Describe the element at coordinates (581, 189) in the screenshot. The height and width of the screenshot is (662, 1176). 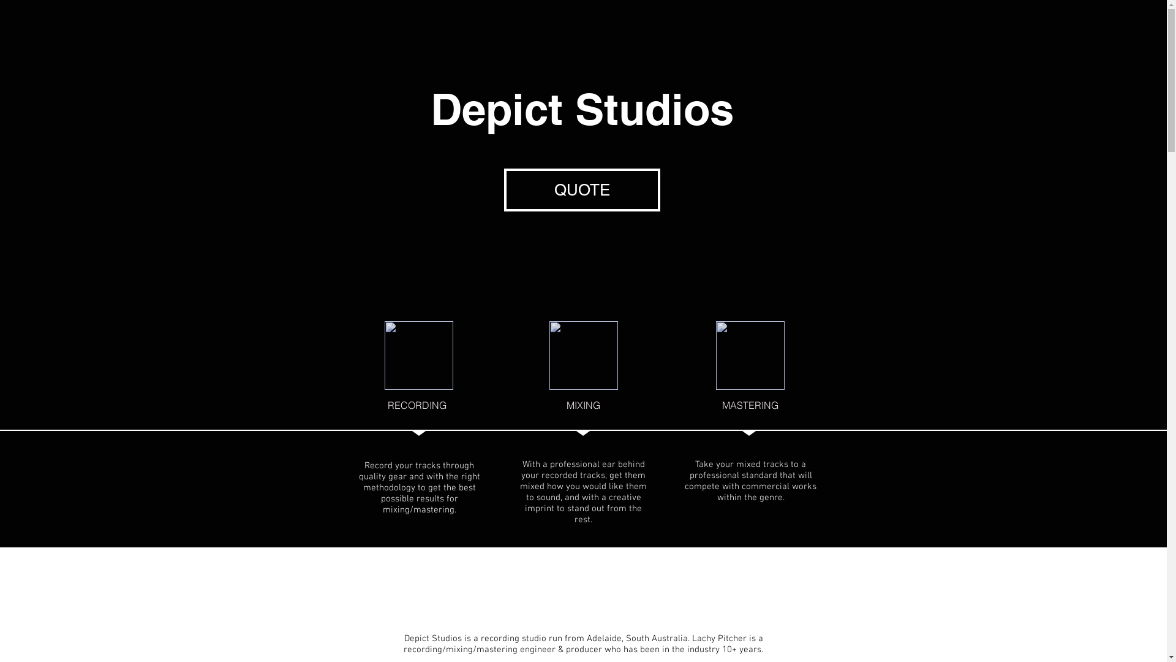
I see `'QUOTE'` at that location.